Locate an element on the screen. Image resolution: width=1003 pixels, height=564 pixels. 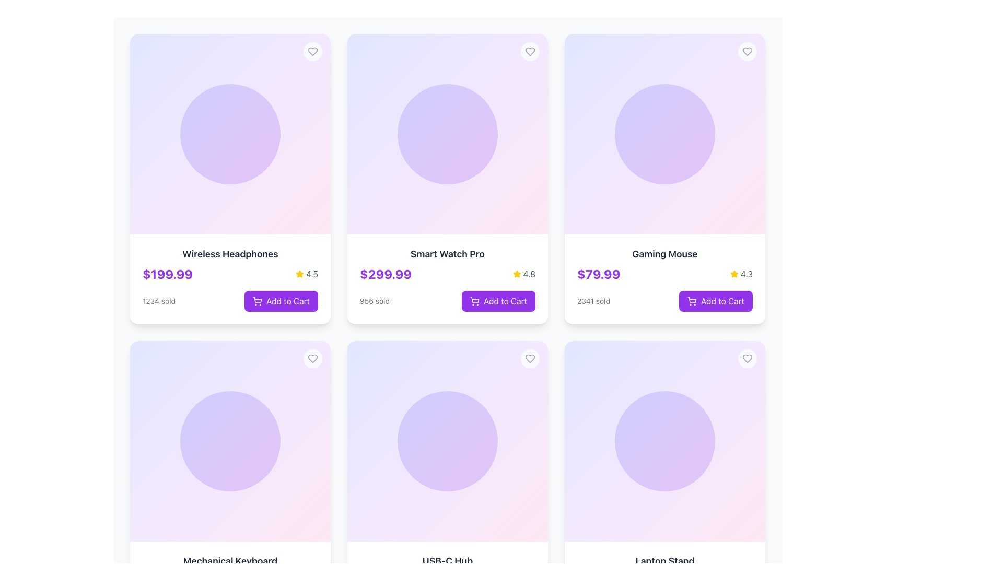
the 'Add to Cart' text within the button located at the bottom of the second product card in the grid is located at coordinates (288, 301).